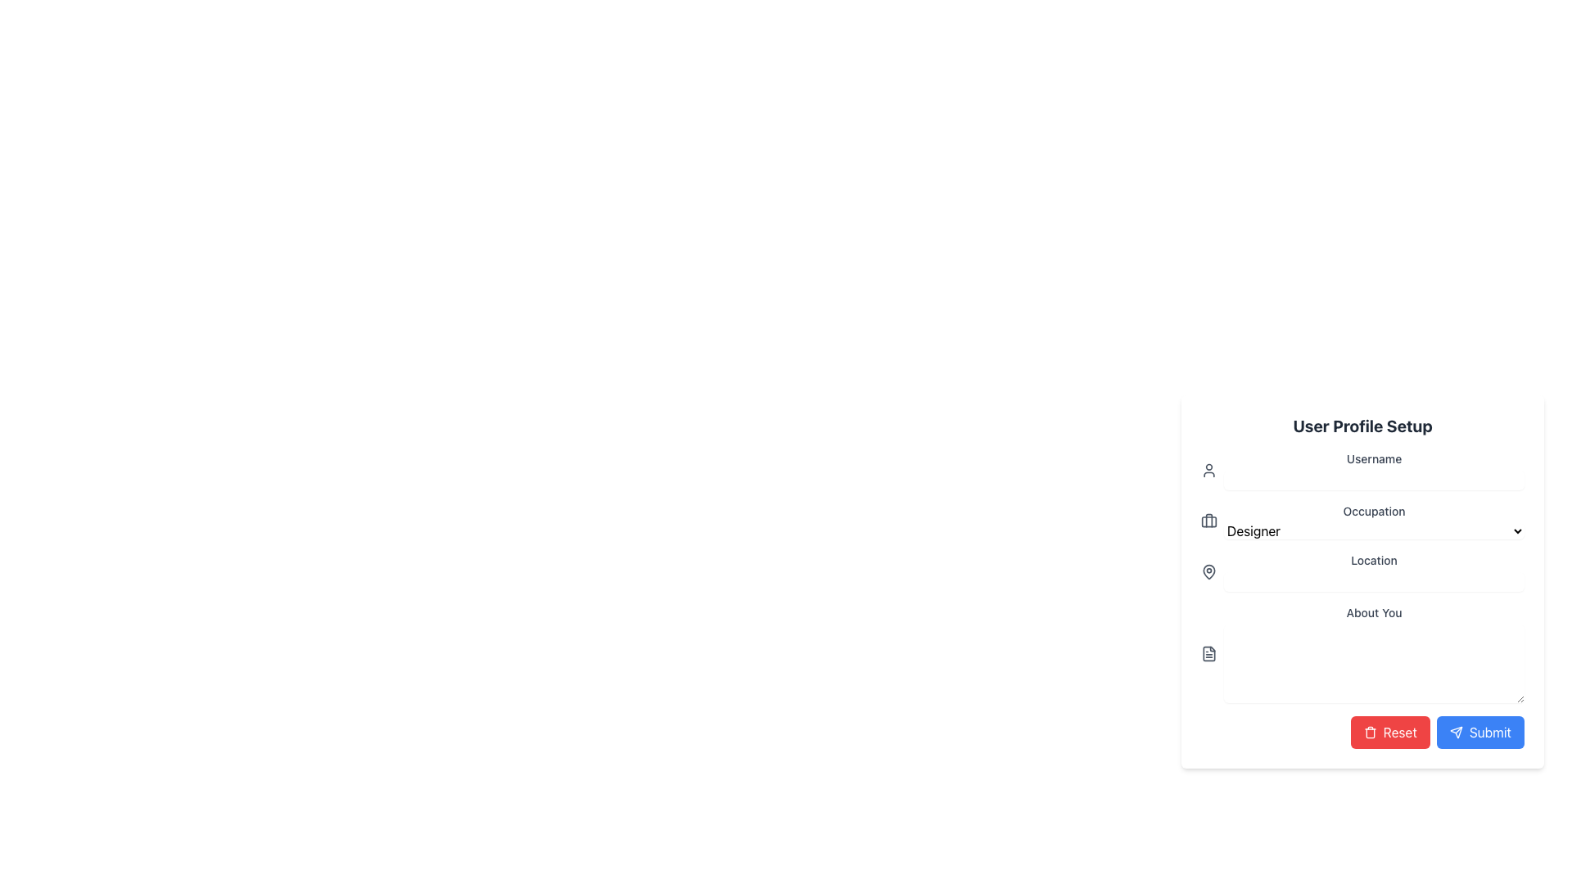 The width and height of the screenshot is (1572, 884). I want to click on the Text Label in the 'User Profile Setup' section that describes the adjacent dropdown menu for selecting an occupation, located to the right of a bag icon and directly above the dropdown menu, so click(1374, 510).